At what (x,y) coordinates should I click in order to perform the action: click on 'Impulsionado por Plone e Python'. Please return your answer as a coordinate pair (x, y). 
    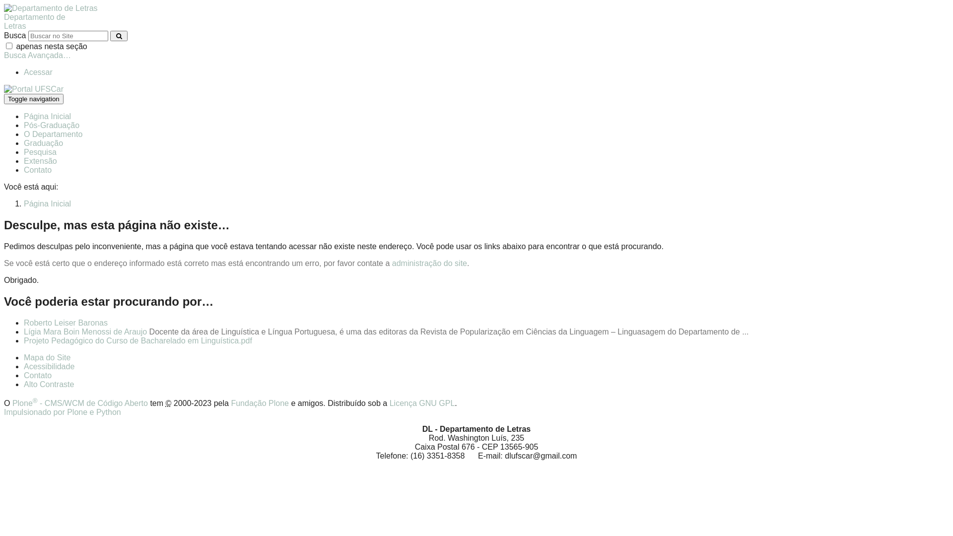
    Looking at the image, I should click on (62, 412).